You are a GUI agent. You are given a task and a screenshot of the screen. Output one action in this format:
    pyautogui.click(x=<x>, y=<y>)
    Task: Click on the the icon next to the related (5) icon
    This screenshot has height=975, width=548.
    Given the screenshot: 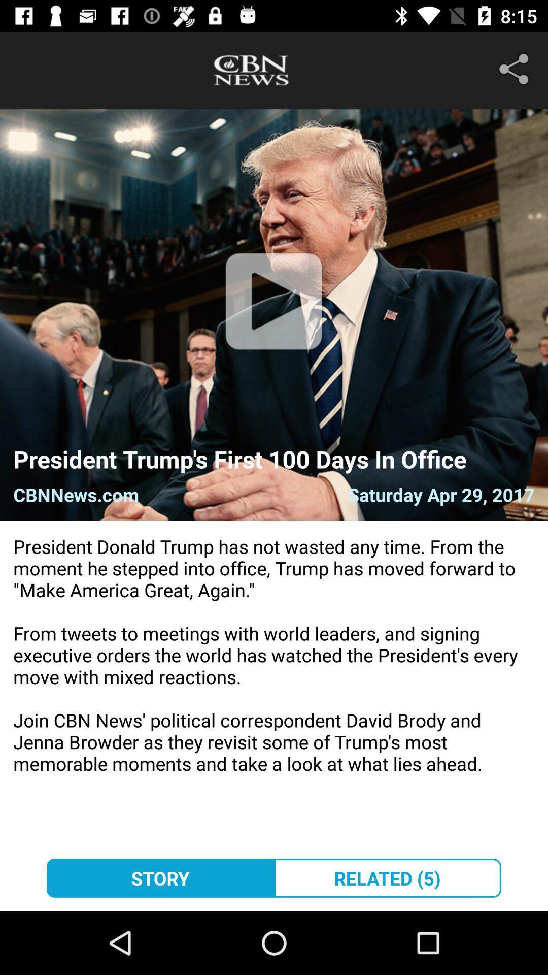 What is the action you would take?
    pyautogui.click(x=160, y=877)
    